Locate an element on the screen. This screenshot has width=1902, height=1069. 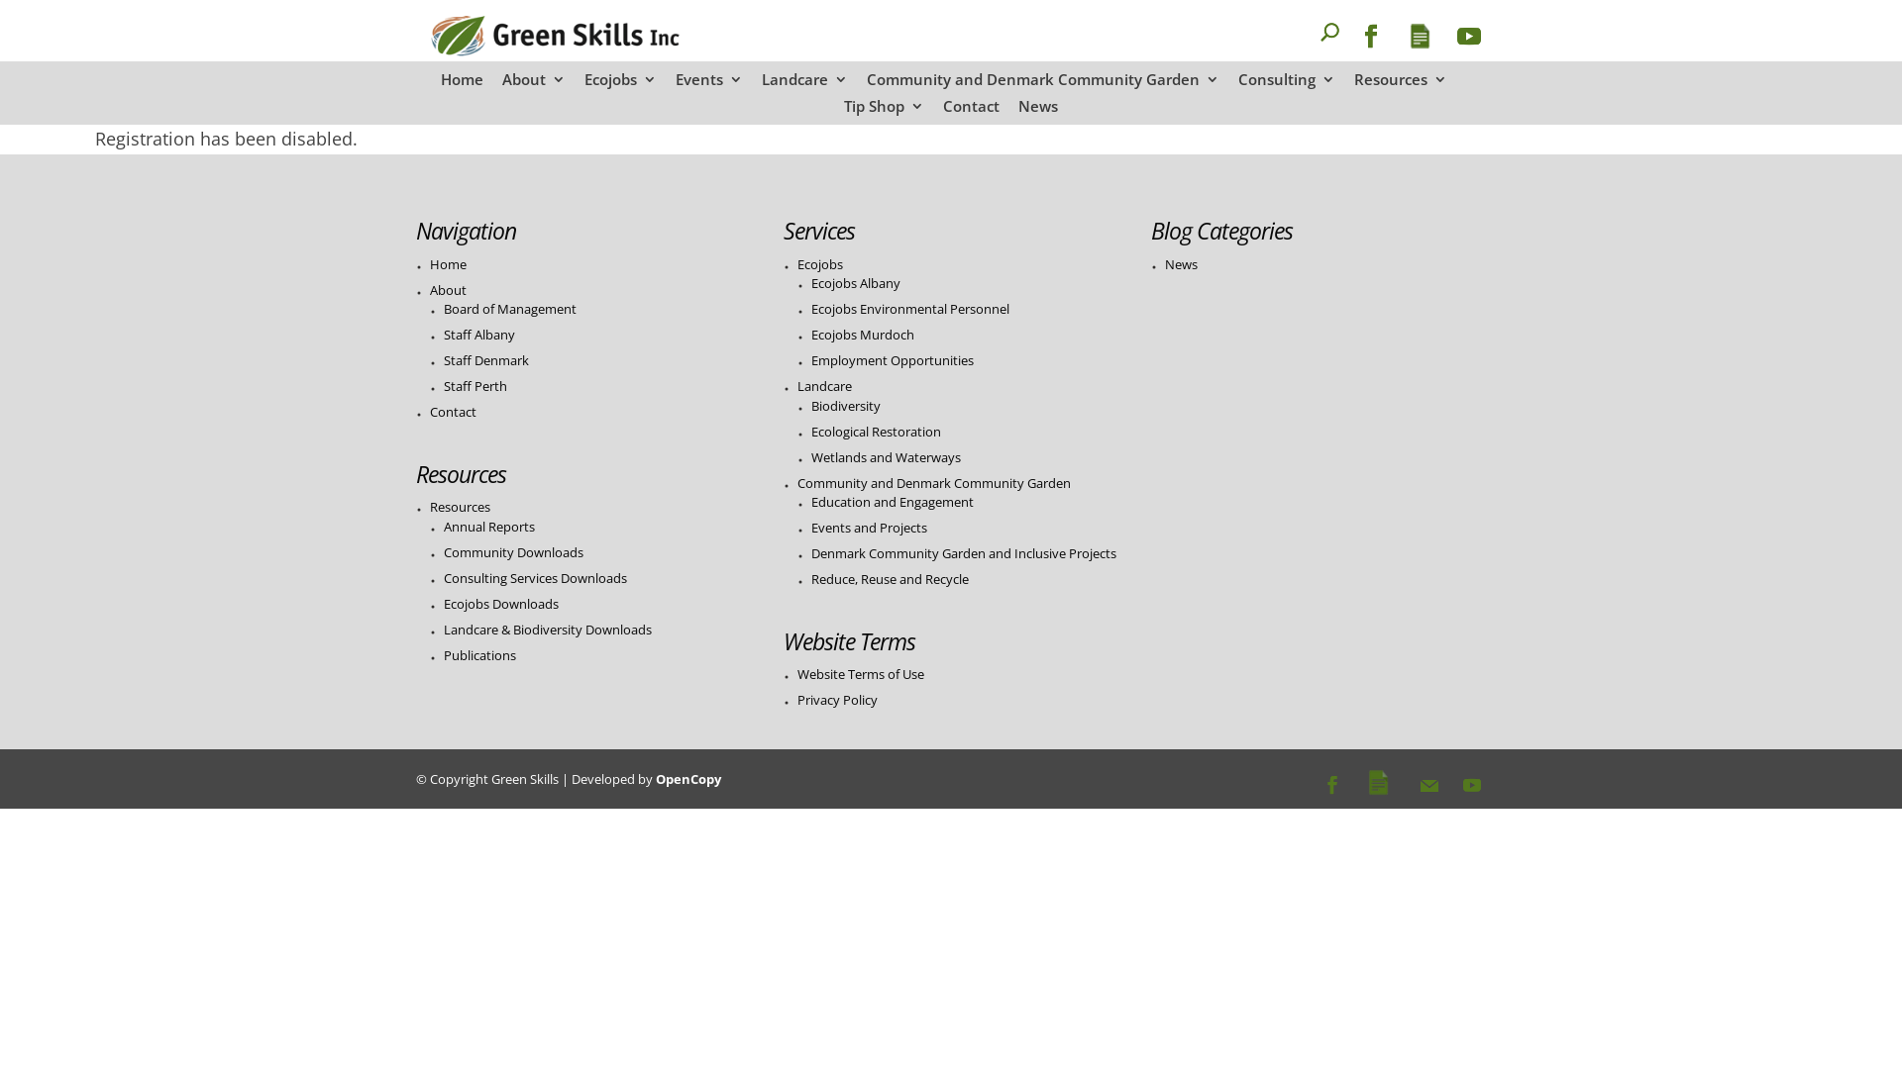
'Privacy Policy' is located at coordinates (837, 698).